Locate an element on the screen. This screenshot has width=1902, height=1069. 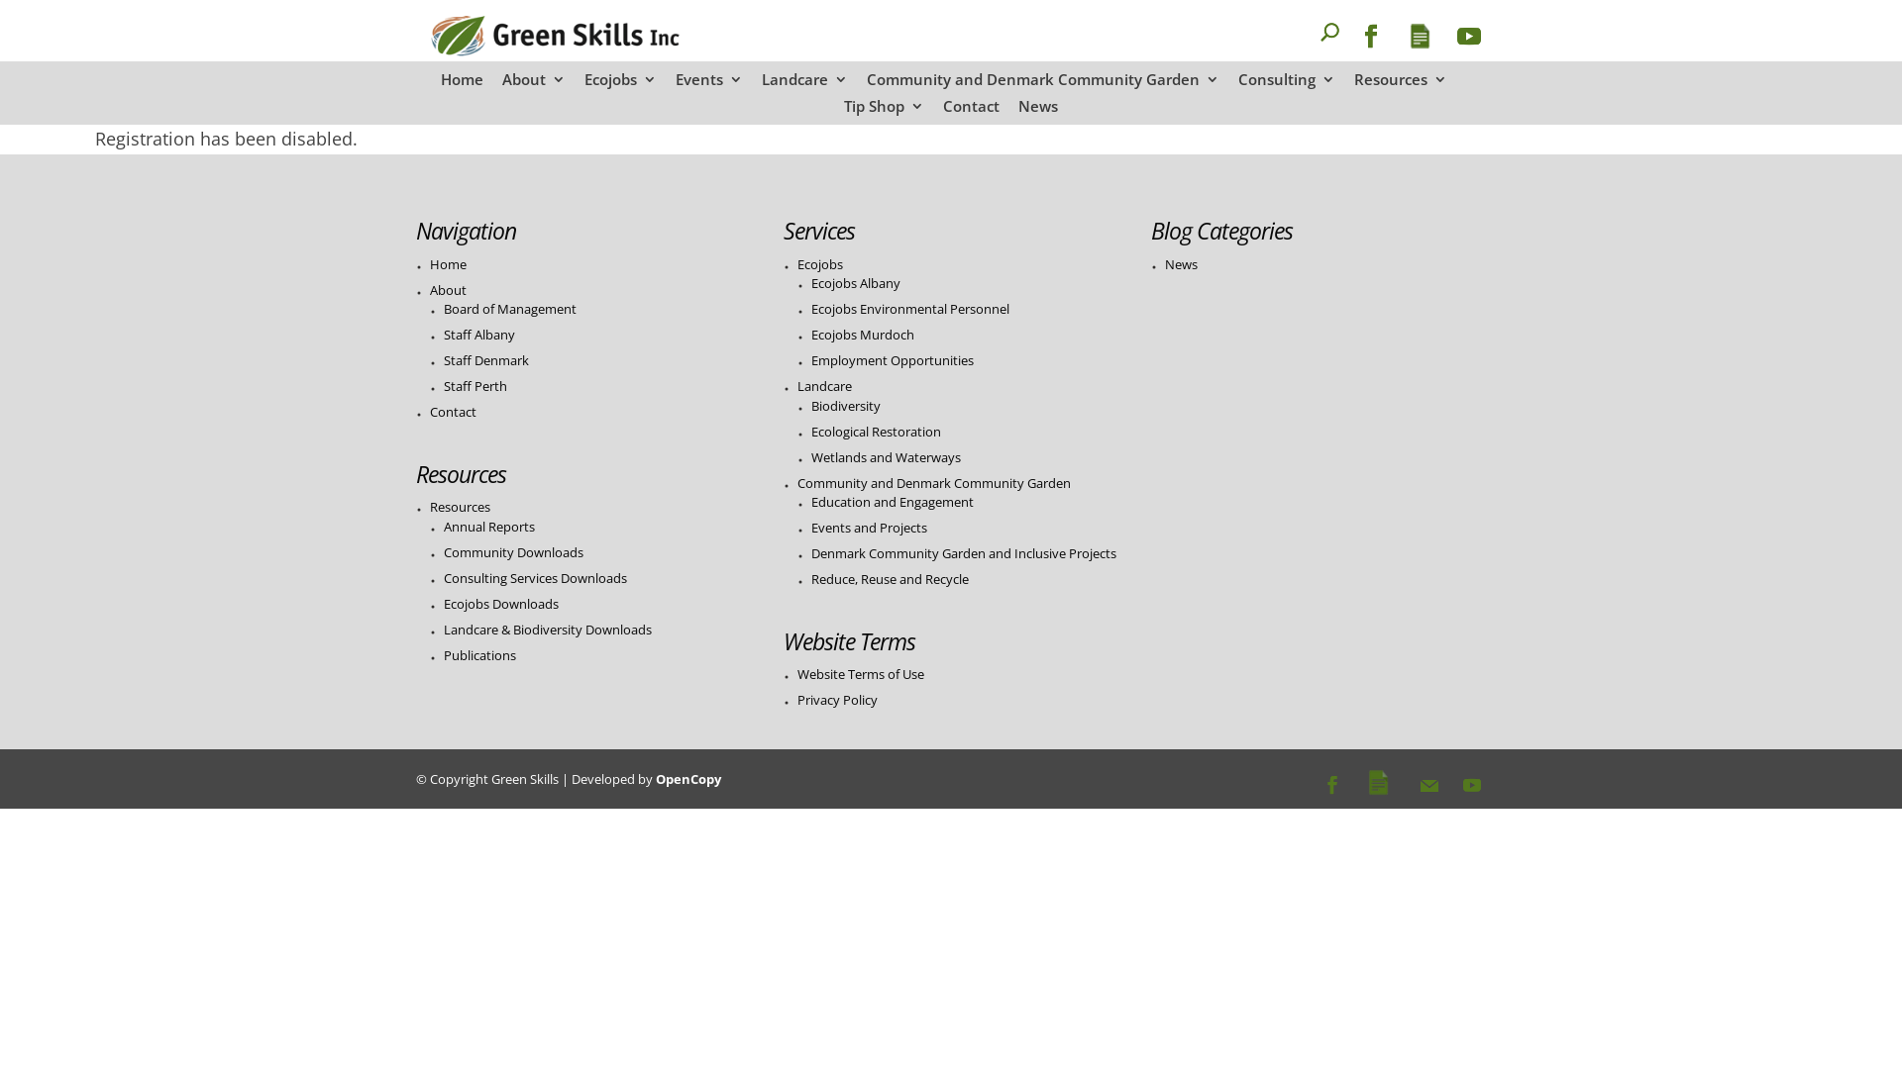
'Privacy Policy' is located at coordinates (837, 698).